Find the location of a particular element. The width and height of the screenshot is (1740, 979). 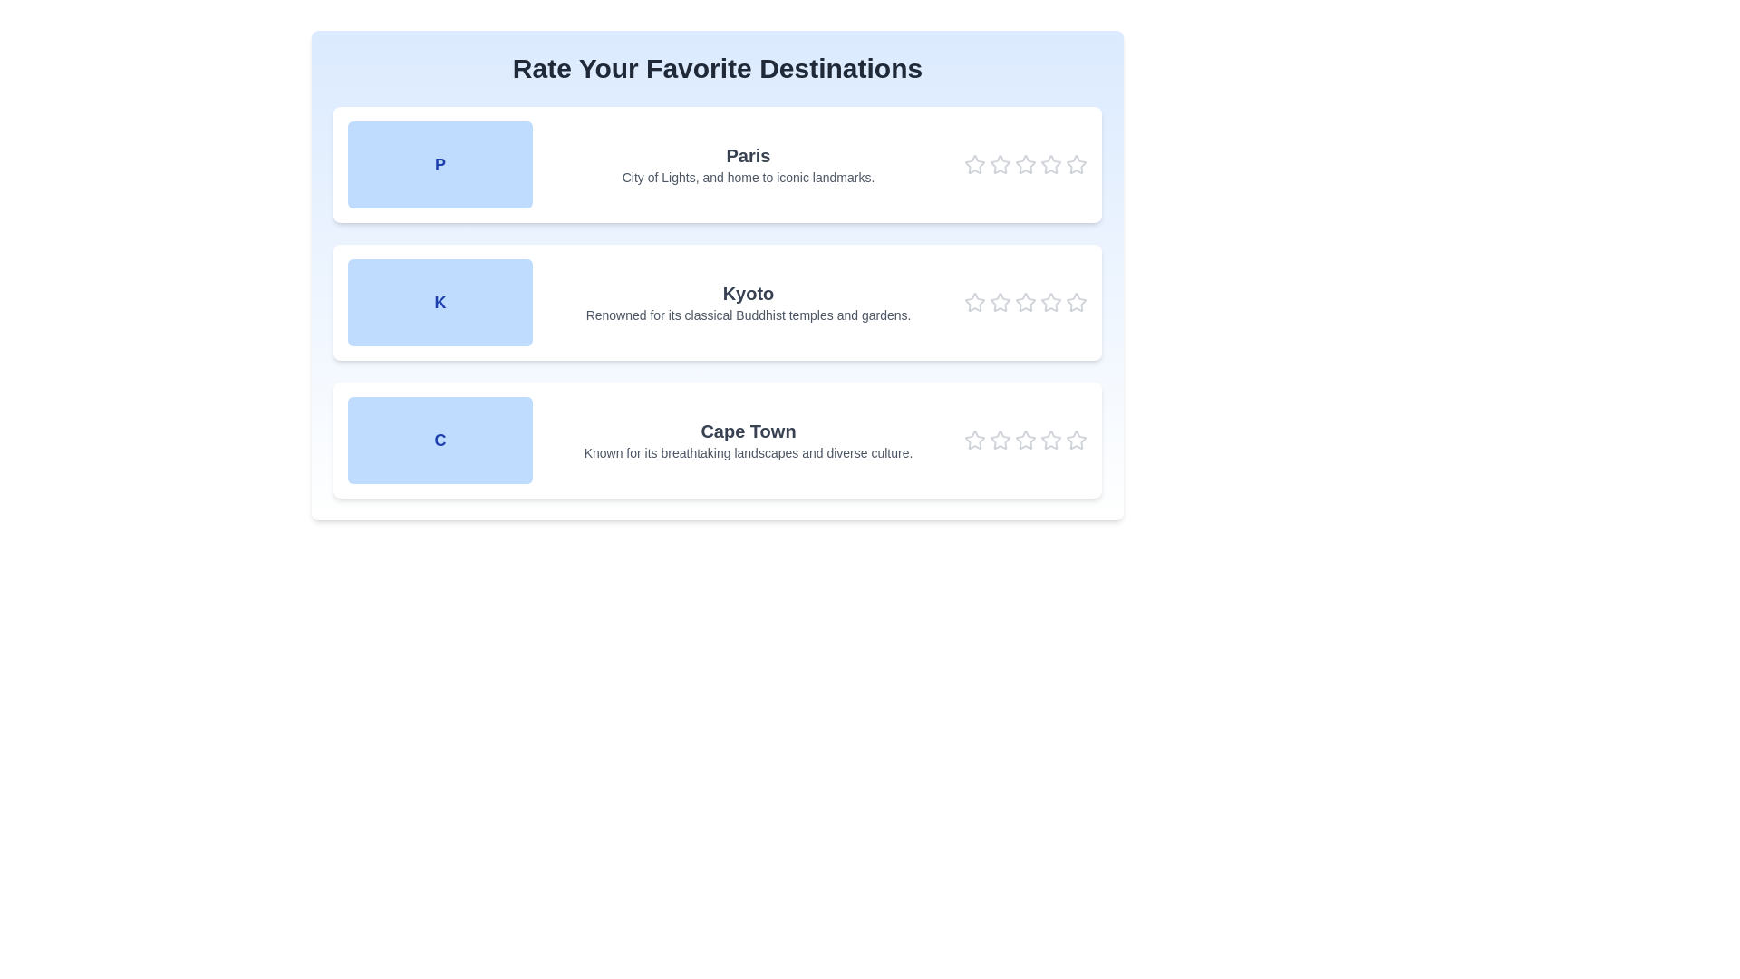

text content block titled 'Kyoto' which contains a description about its classical Buddhist temples and gardens is located at coordinates (748, 302).